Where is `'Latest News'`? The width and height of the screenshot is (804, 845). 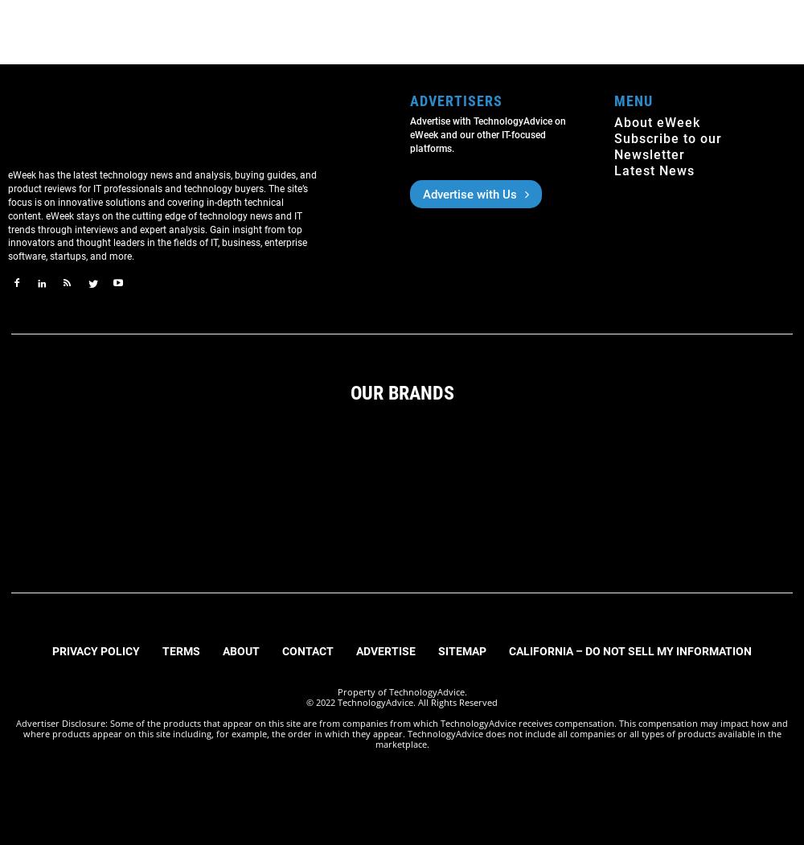
'Latest News' is located at coordinates (654, 170).